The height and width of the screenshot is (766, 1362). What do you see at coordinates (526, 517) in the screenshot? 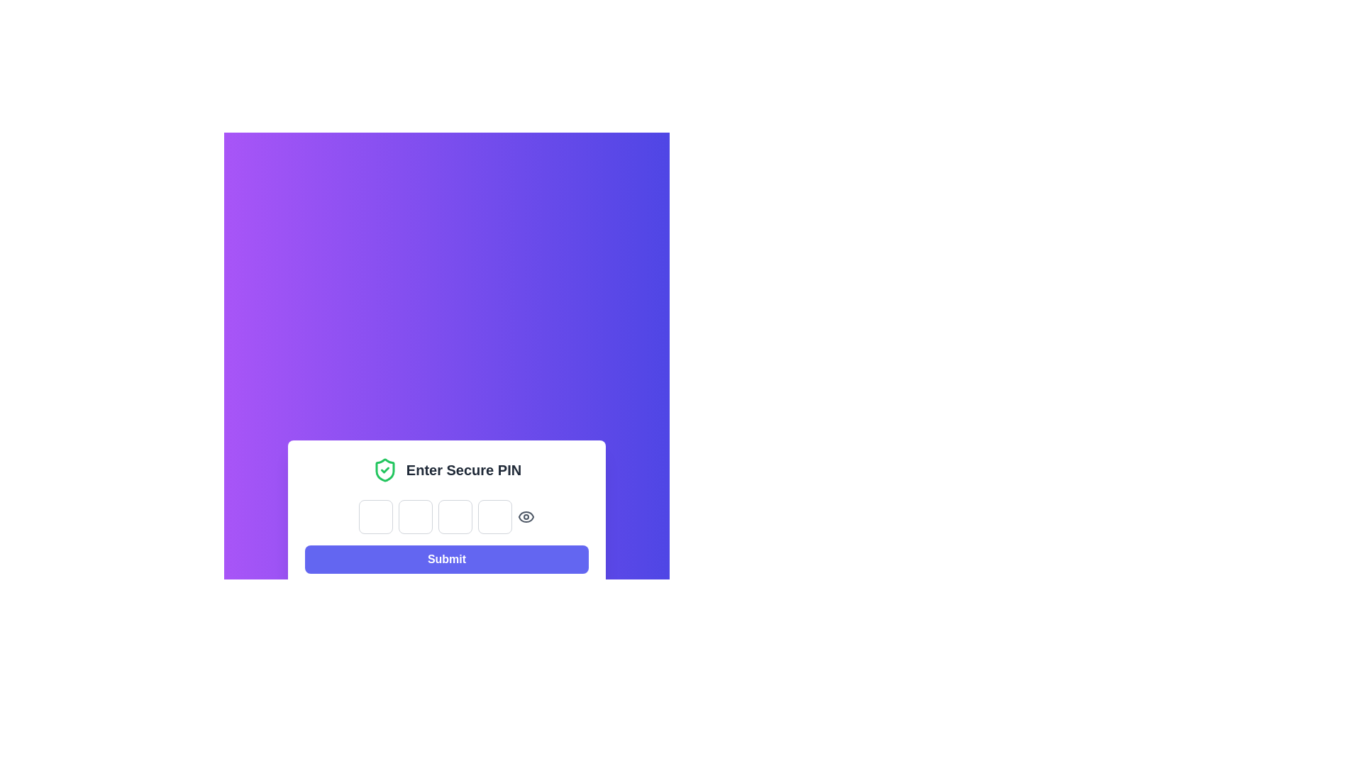
I see `the eye icon located to the right of the PIN input fields, which serves as a visual indicator for toggling or viewing entered PIN characters` at bounding box center [526, 517].